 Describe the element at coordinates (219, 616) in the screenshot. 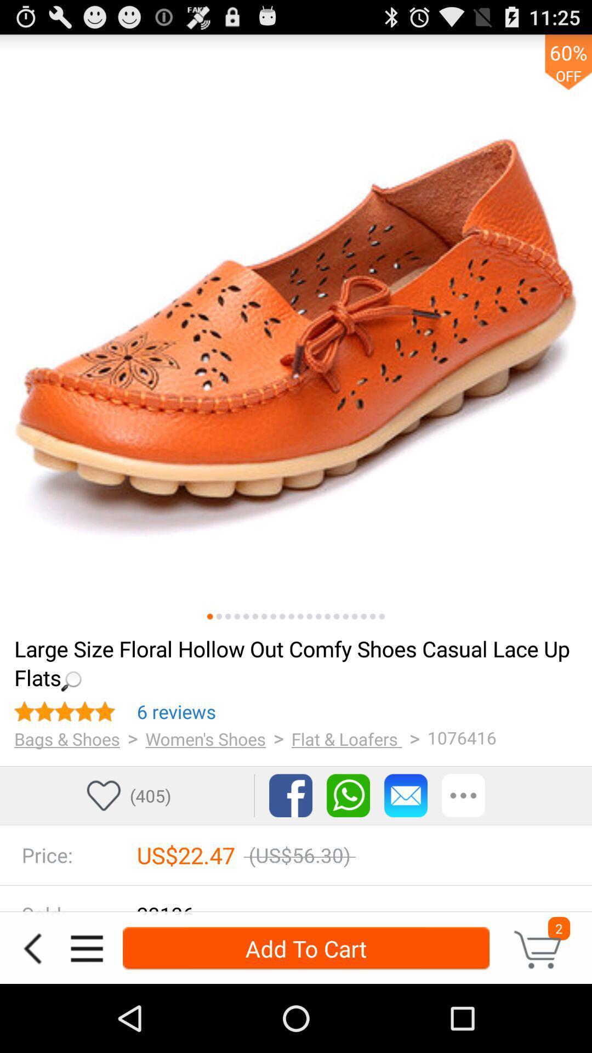

I see `item above loading... icon` at that location.